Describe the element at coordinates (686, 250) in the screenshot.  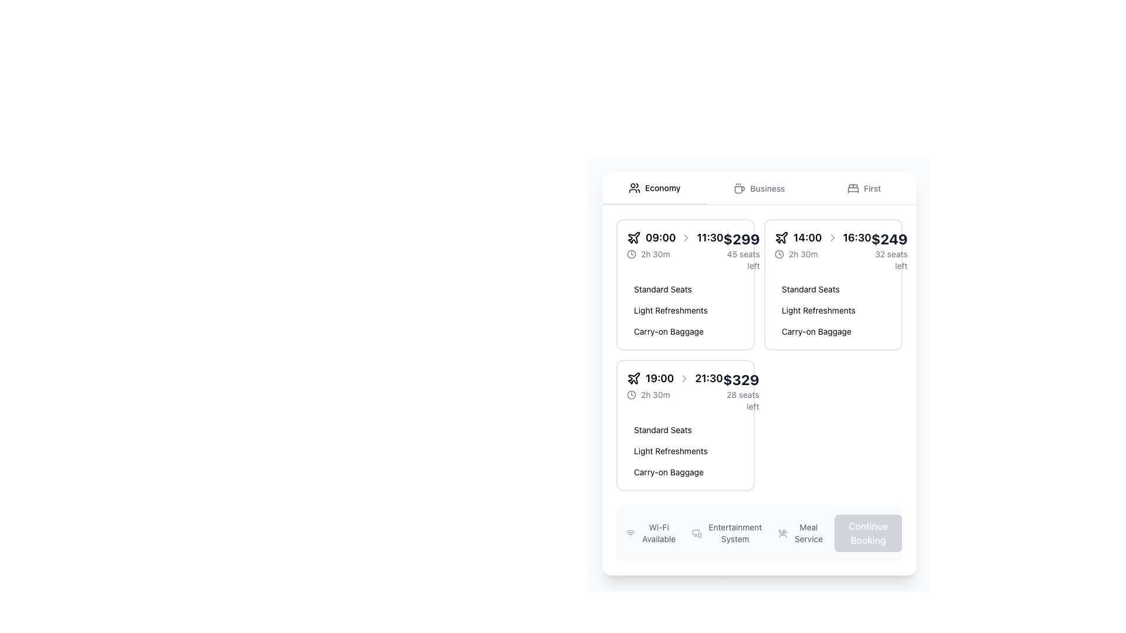
I see `the Informational display box that presents key flight information, located in the top-left corner of the first card in the grid layout` at that location.